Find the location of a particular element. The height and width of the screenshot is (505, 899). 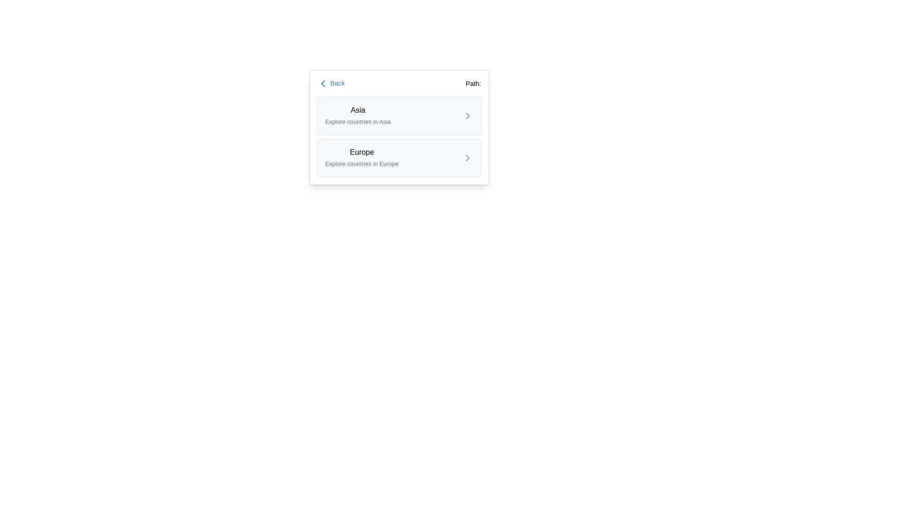

the interactive section labeled 'Asia' with a white background and rounded corners is located at coordinates (399, 128).